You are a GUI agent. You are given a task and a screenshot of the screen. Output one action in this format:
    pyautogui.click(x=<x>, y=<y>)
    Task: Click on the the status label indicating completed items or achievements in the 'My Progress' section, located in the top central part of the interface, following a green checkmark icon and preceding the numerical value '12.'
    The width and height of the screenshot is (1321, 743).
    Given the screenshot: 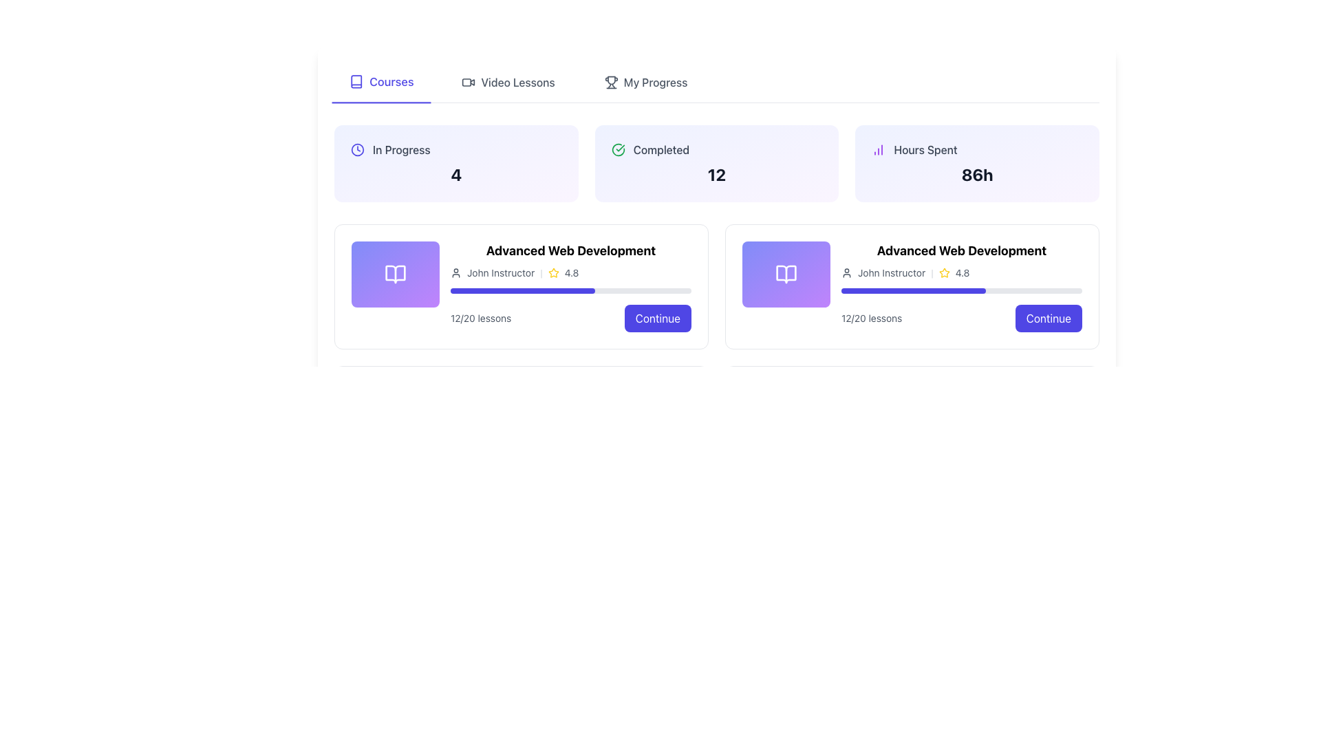 What is the action you would take?
    pyautogui.click(x=661, y=150)
    